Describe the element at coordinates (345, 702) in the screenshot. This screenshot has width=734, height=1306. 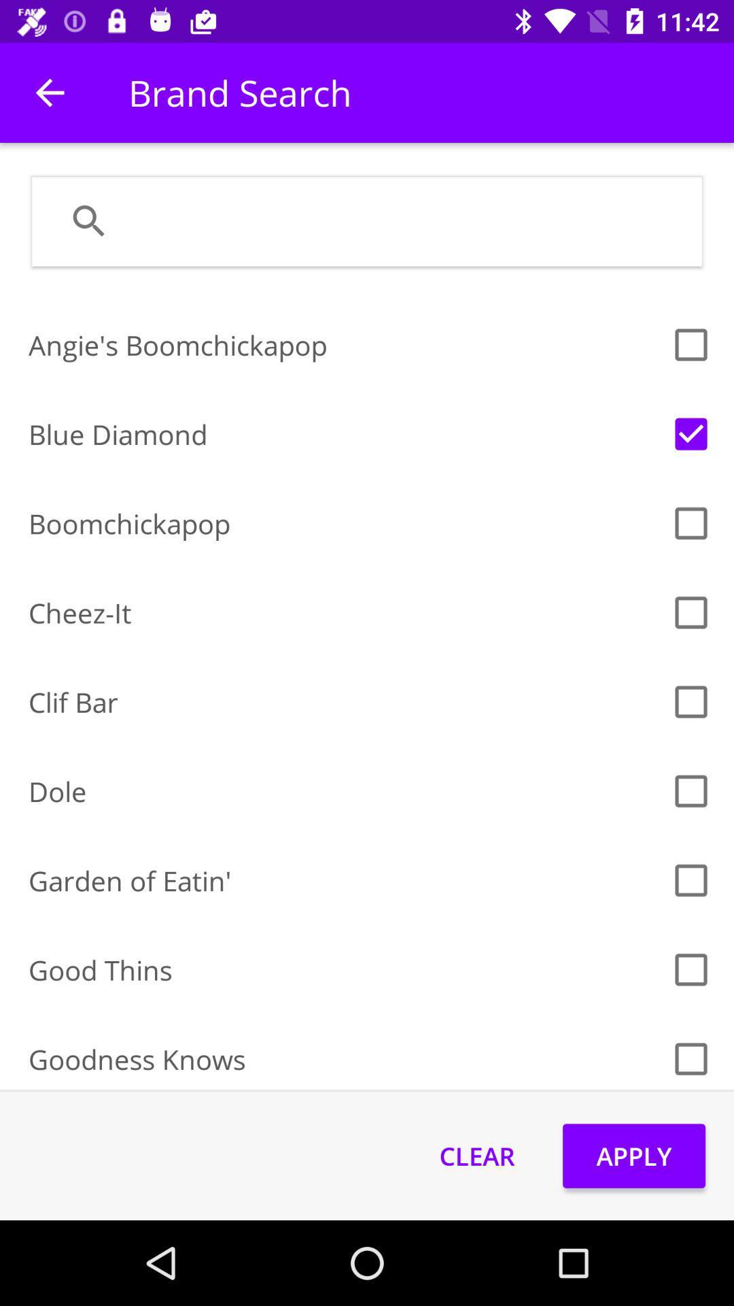
I see `the clif bar icon` at that location.